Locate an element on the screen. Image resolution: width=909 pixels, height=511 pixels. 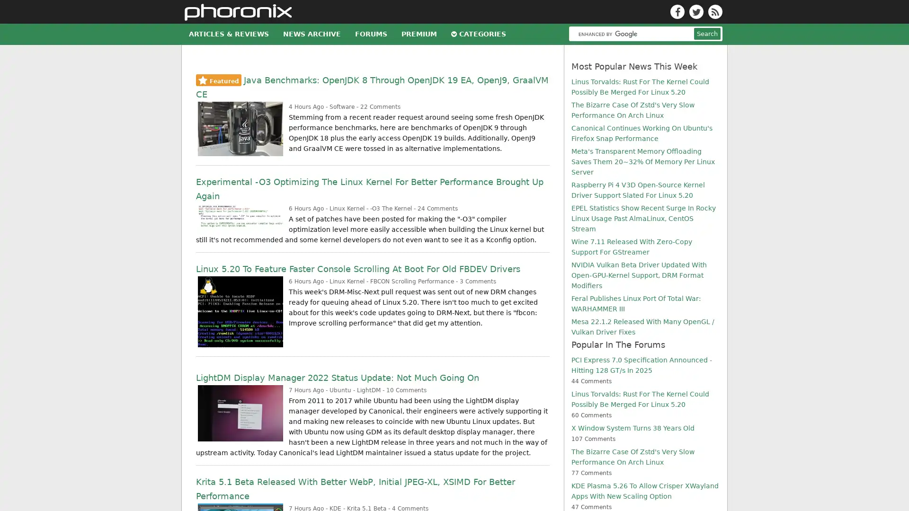
Search is located at coordinates (707, 151).